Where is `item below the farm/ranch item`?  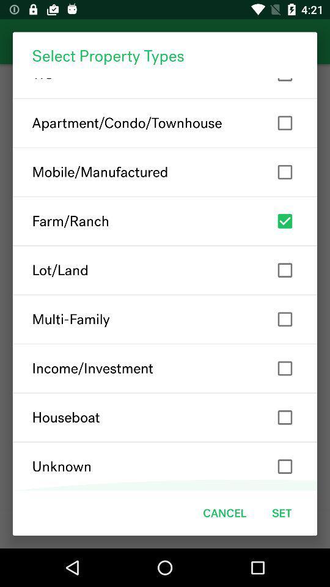
item below the farm/ranch item is located at coordinates (165, 270).